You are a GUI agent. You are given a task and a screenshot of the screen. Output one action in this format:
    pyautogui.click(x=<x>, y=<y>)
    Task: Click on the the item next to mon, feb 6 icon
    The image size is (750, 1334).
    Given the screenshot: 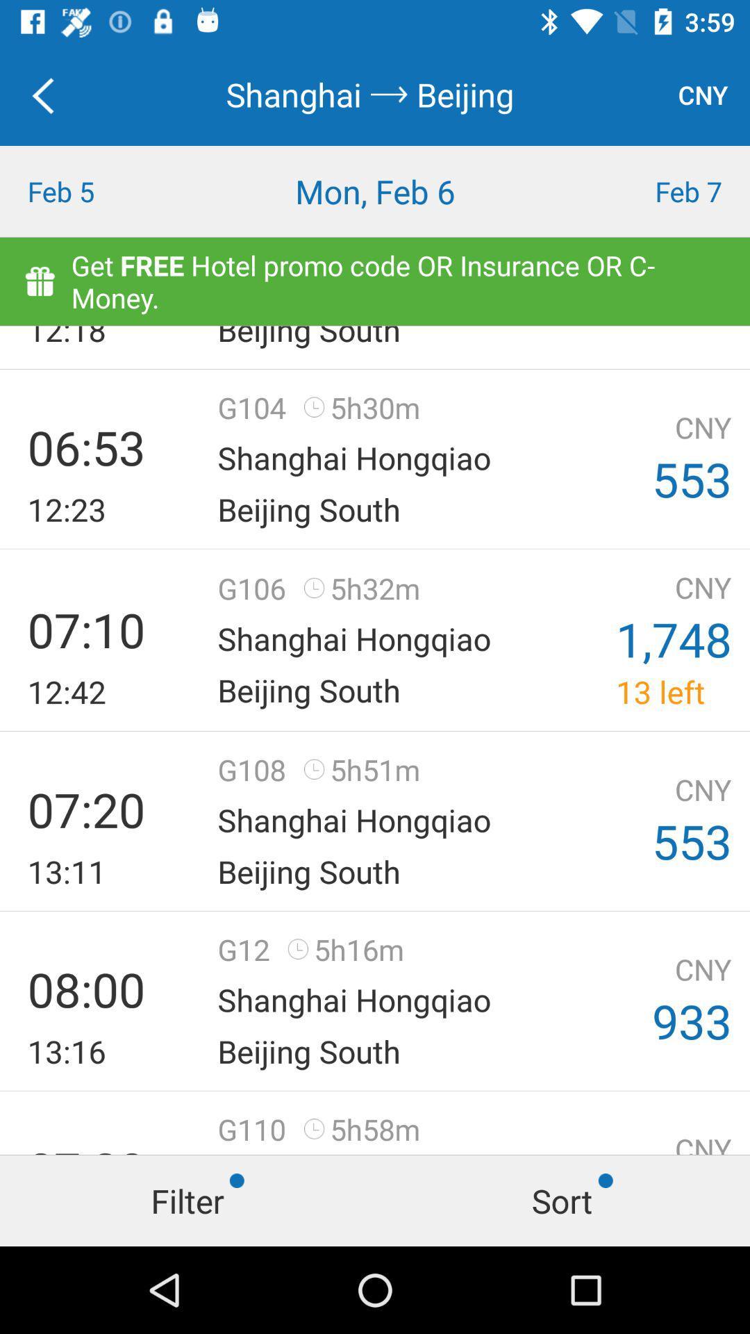 What is the action you would take?
    pyautogui.click(x=94, y=190)
    